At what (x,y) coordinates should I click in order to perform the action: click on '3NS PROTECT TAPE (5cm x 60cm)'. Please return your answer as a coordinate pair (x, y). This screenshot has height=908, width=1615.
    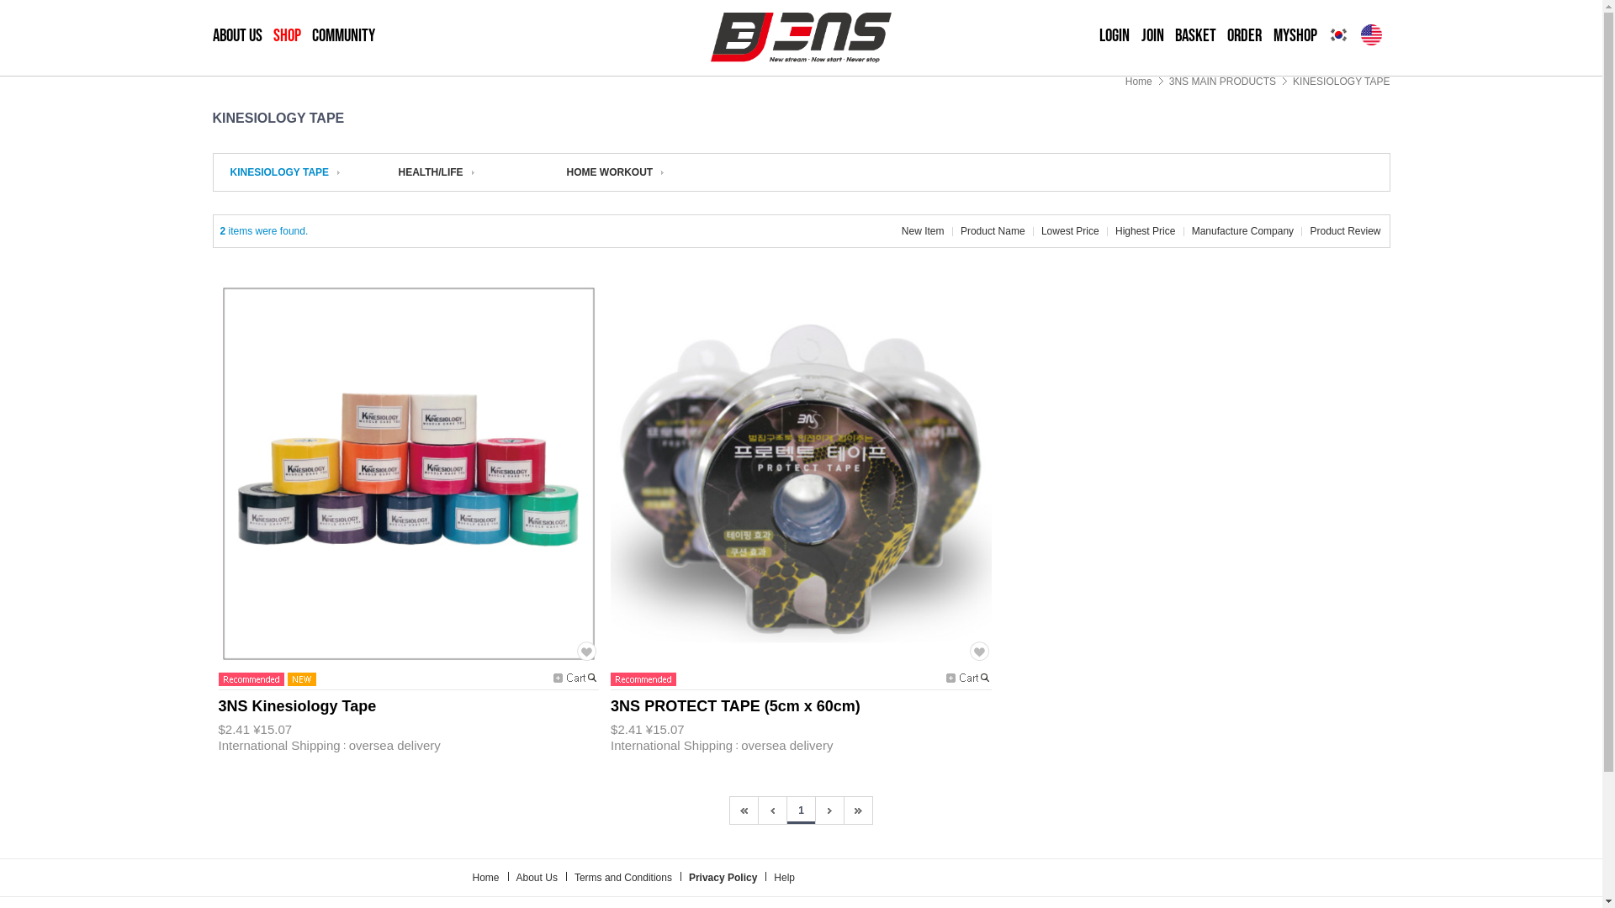
    Looking at the image, I should click on (735, 707).